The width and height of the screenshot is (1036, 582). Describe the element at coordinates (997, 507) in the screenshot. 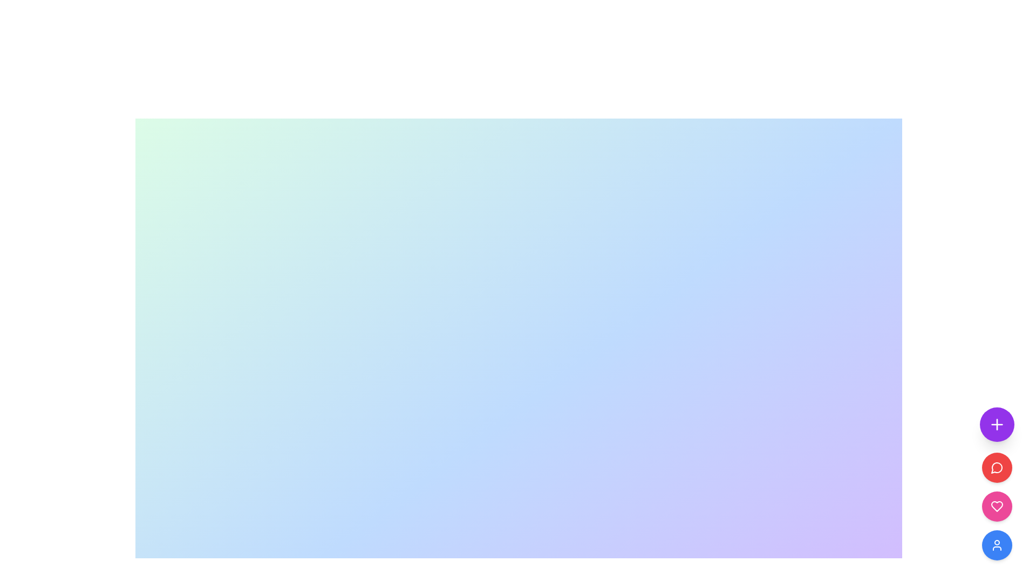

I see `the heart-shaped icon button with a pink background` at that location.